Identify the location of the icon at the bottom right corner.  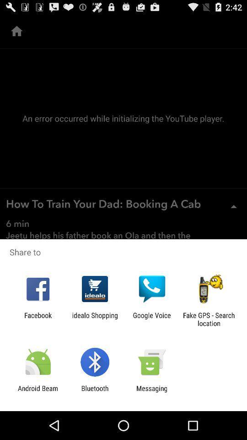
(209, 319).